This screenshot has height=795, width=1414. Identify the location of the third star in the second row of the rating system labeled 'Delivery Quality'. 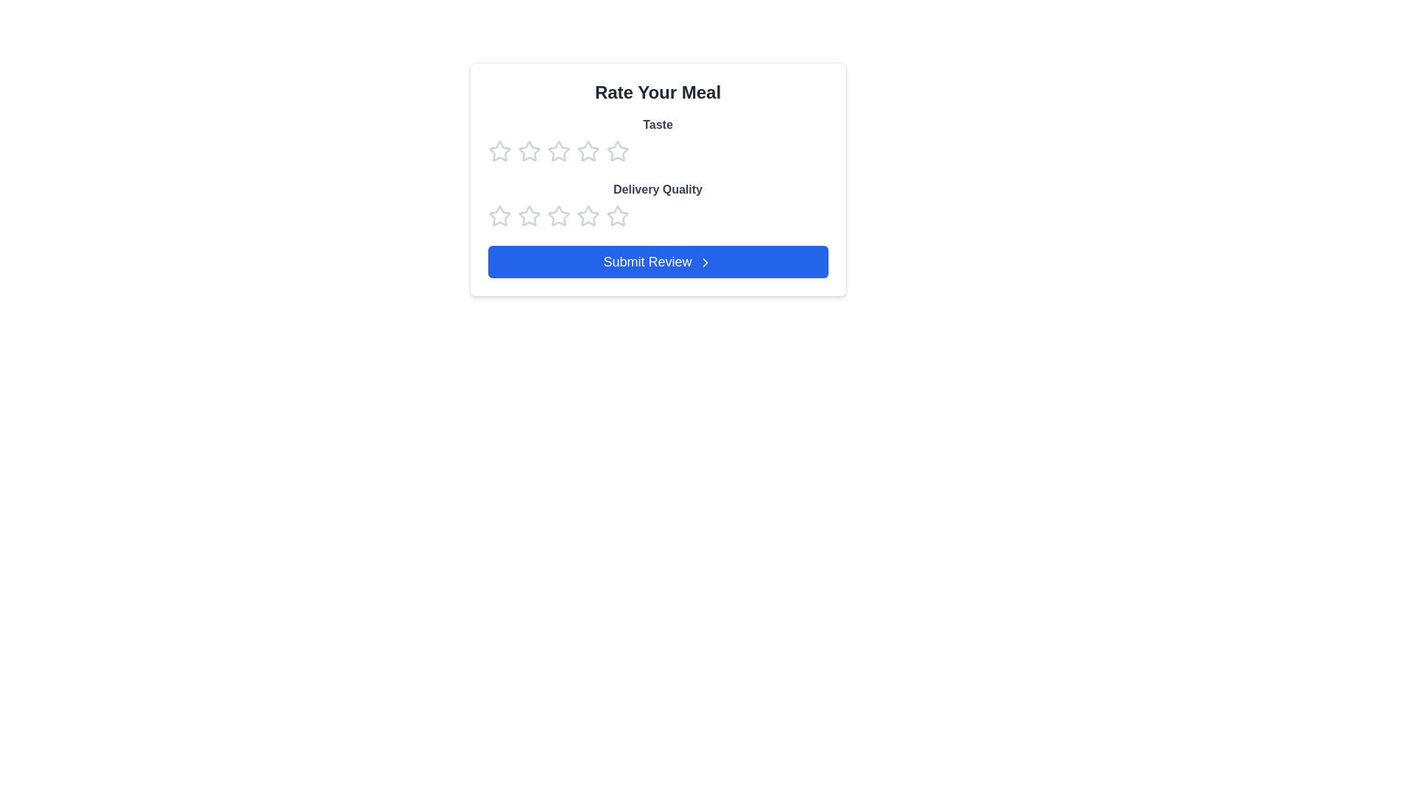
(617, 216).